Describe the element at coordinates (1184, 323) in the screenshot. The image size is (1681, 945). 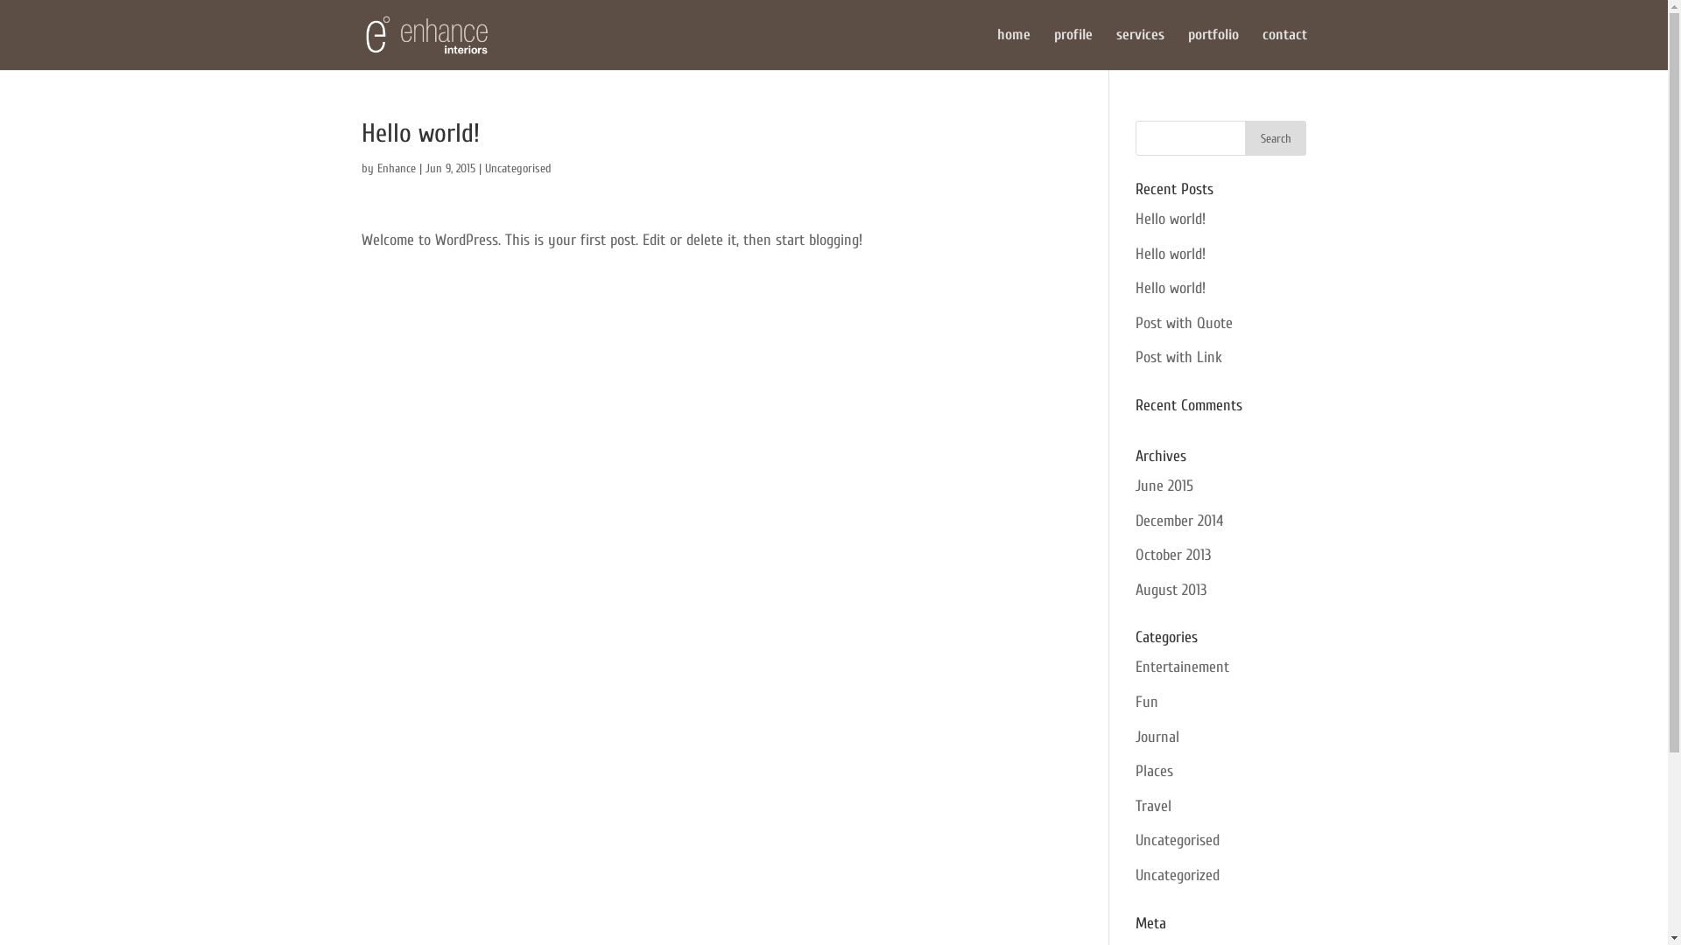
I see `'Post with Quote'` at that location.